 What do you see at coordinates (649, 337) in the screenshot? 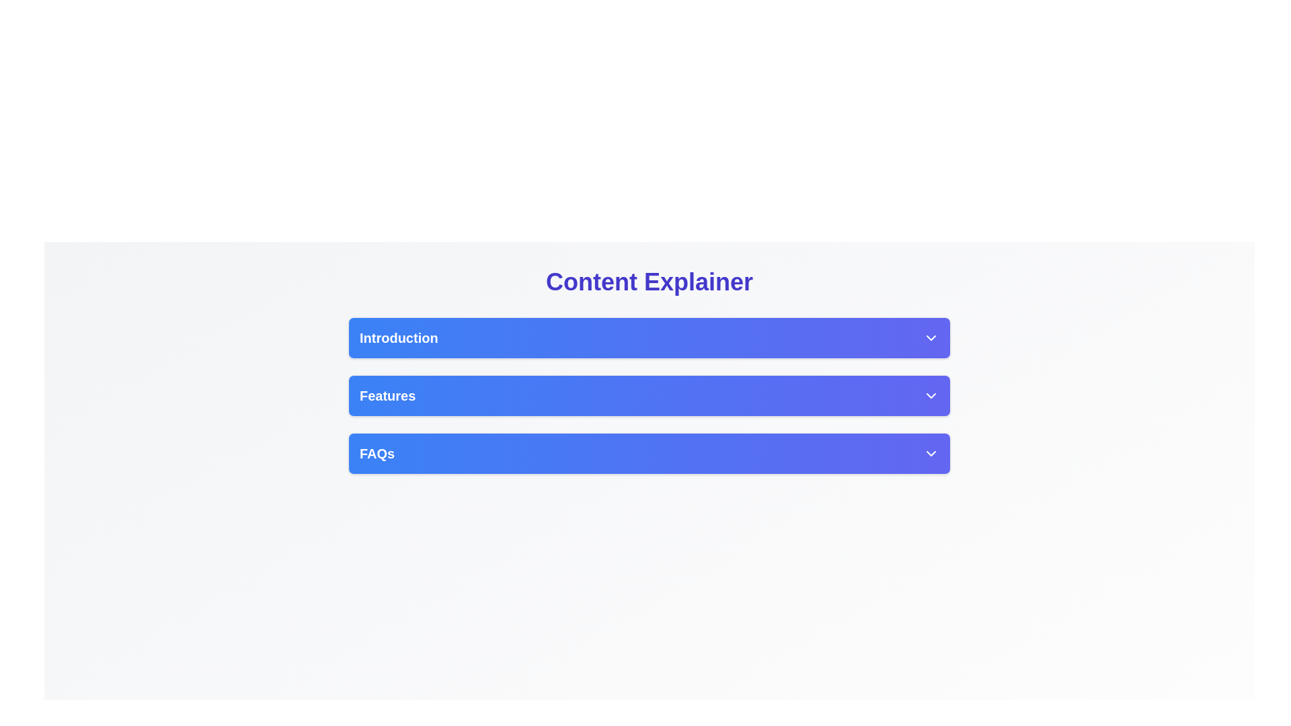
I see `the arrow icon of the collapsible header for 'Introduction'` at bounding box center [649, 337].